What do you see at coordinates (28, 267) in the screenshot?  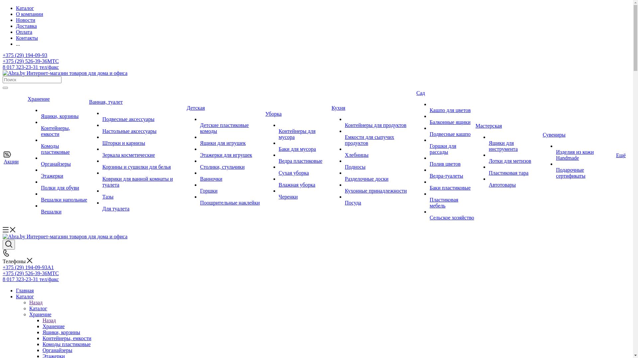 I see `'+375 (29) 194-09-93A1'` at bounding box center [28, 267].